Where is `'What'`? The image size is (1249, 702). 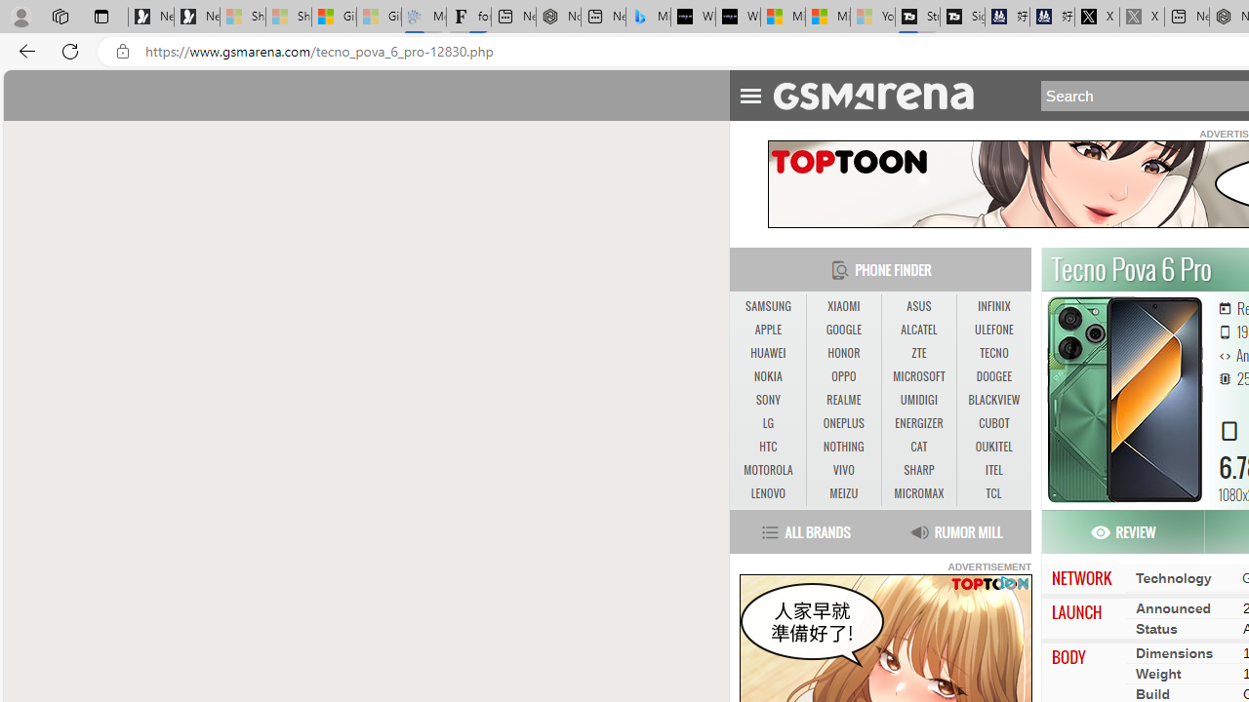 'What' is located at coordinates (737, 17).